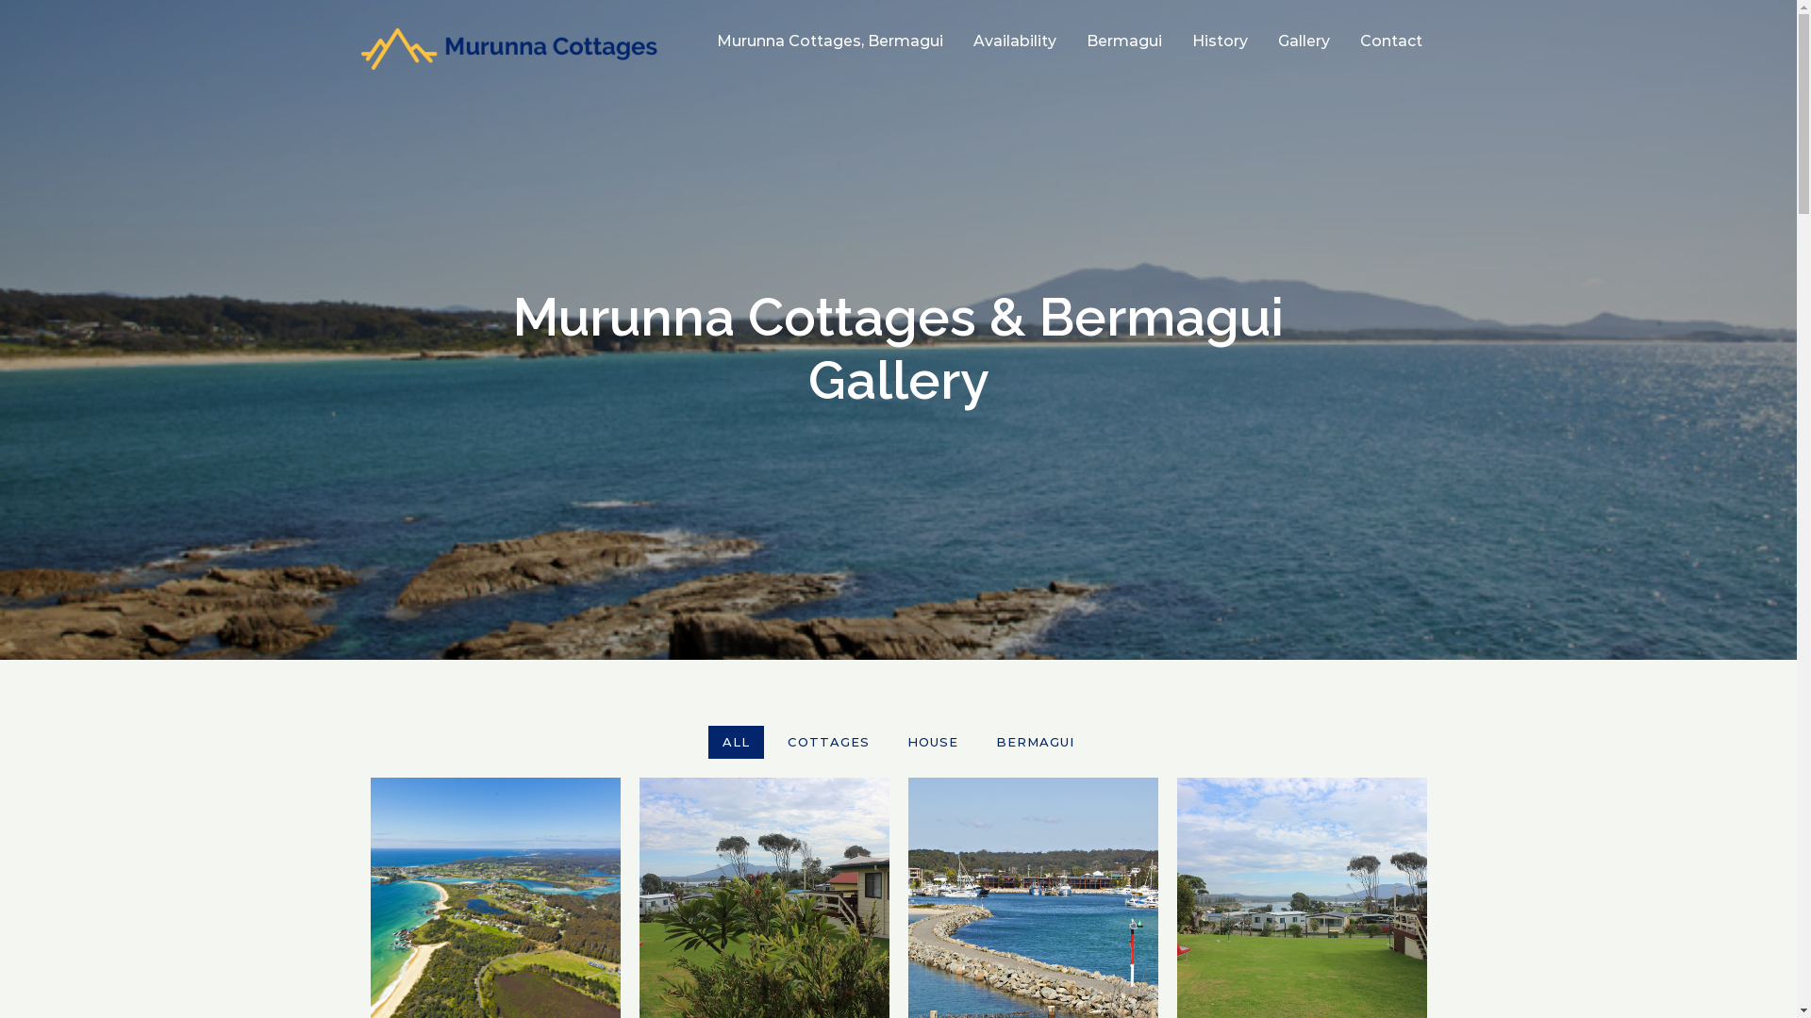 This screenshot has height=1018, width=1811. What do you see at coordinates (1302, 41) in the screenshot?
I see `'Gallery'` at bounding box center [1302, 41].